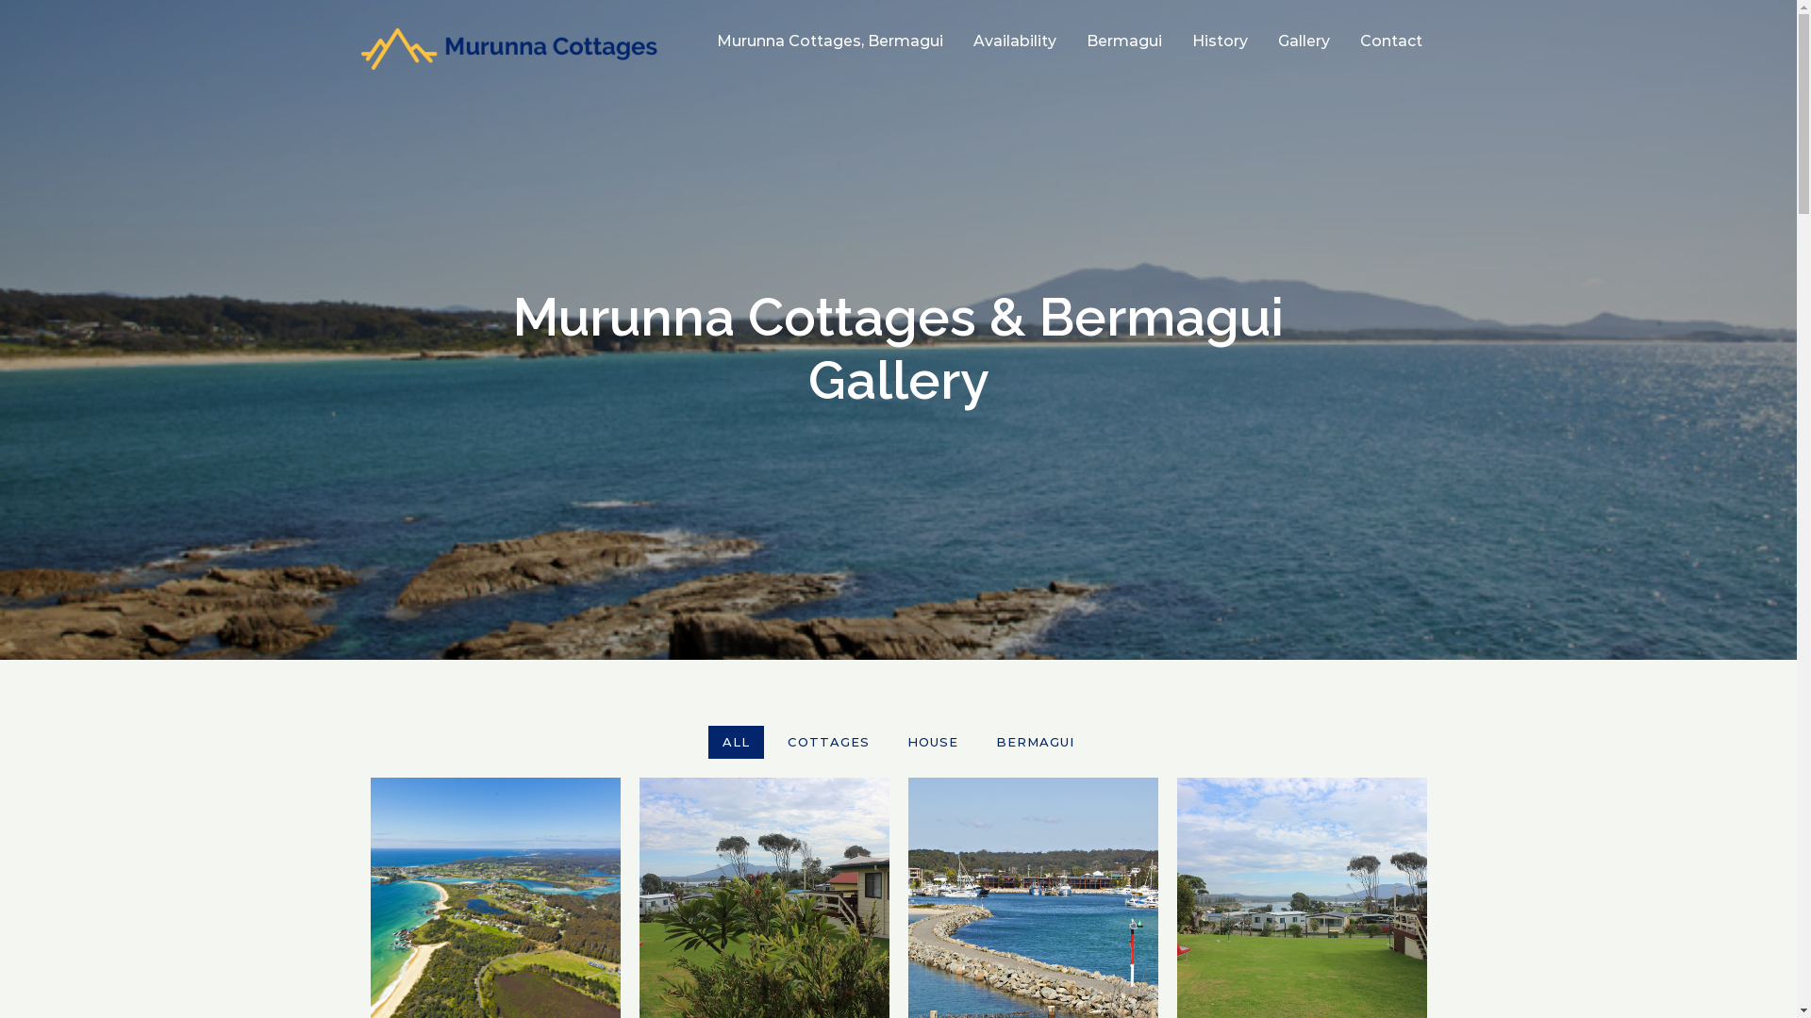 This screenshot has height=1018, width=1811. What do you see at coordinates (1302, 41) in the screenshot?
I see `'Gallery'` at bounding box center [1302, 41].